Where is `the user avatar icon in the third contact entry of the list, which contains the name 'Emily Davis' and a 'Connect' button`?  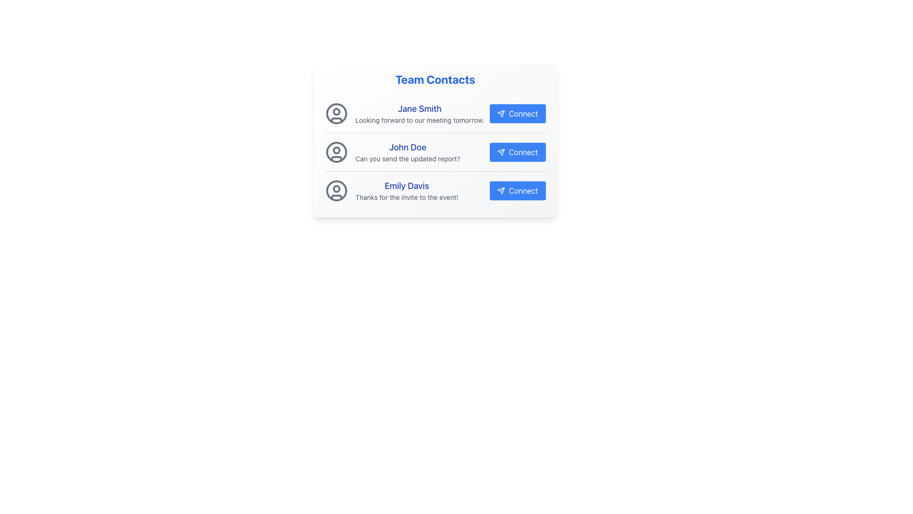
the user avatar icon in the third contact entry of the list, which contains the name 'Emily Davis' and a 'Connect' button is located at coordinates (435, 191).